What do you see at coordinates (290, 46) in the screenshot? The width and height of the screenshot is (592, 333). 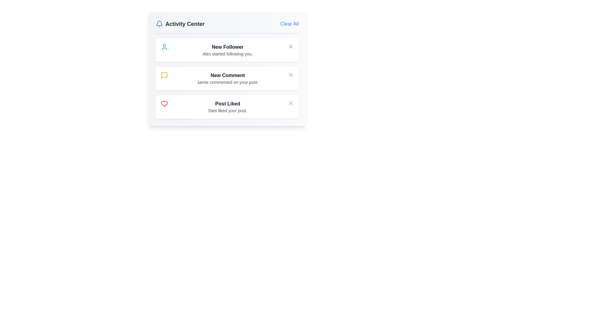 I see `the Close (X) icon rendered as SVG graphics located at the far right of the 'New Follower' notification entry` at bounding box center [290, 46].